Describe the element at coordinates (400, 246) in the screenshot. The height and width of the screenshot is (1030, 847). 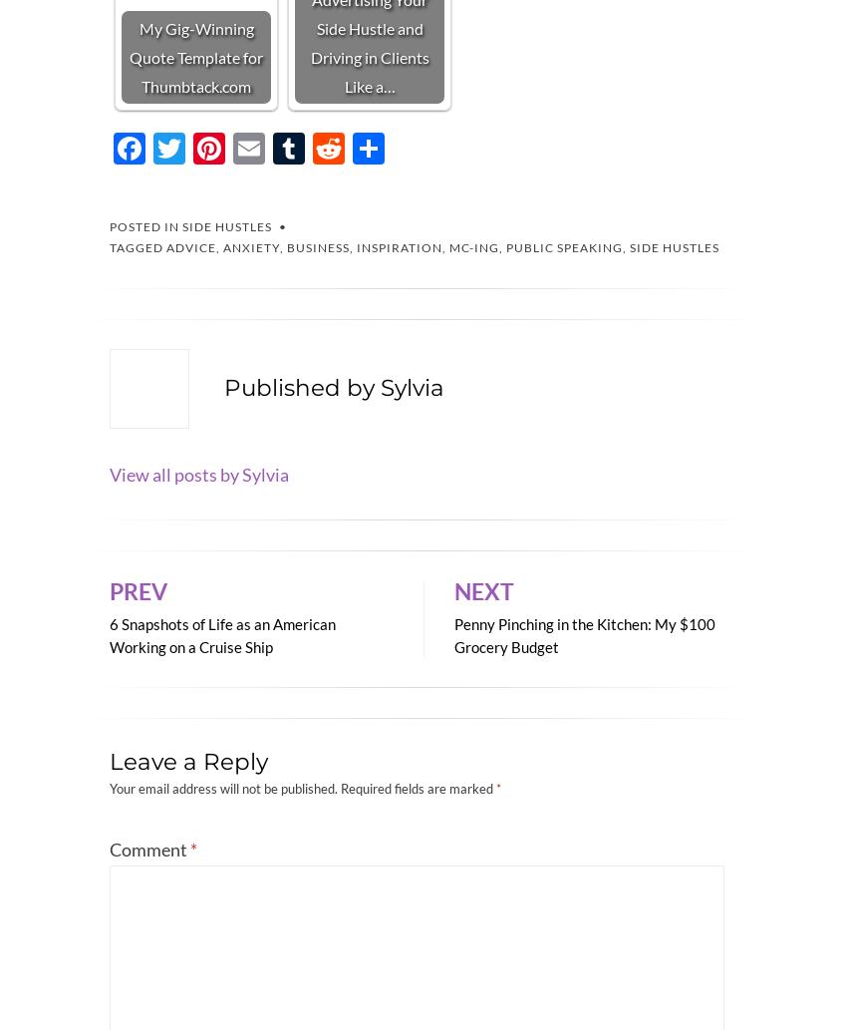
I see `'inspiration'` at that location.